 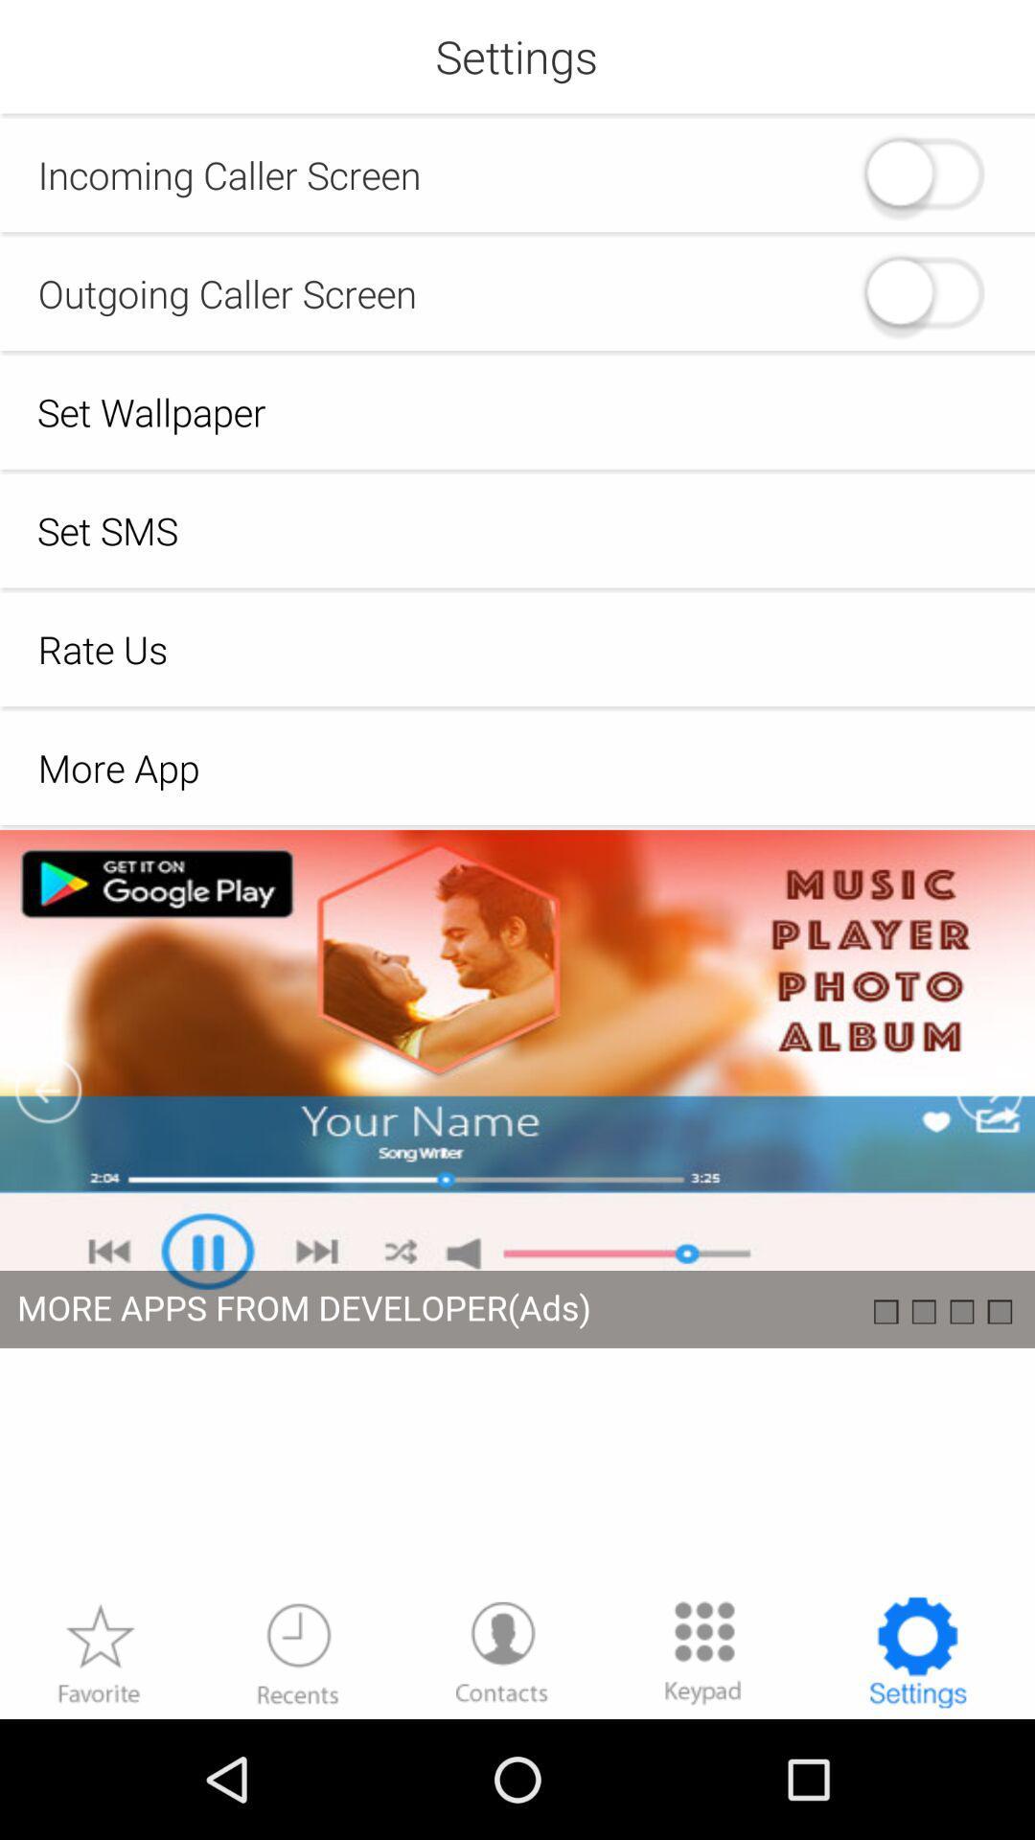 What do you see at coordinates (920, 315) in the screenshot?
I see `the avatar icon` at bounding box center [920, 315].